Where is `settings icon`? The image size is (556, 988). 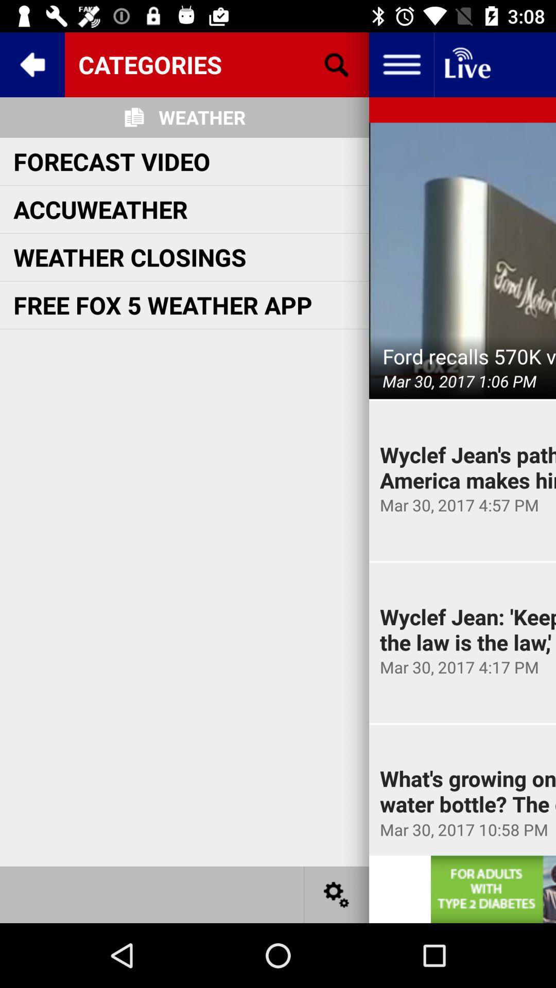 settings icon is located at coordinates (337, 894).